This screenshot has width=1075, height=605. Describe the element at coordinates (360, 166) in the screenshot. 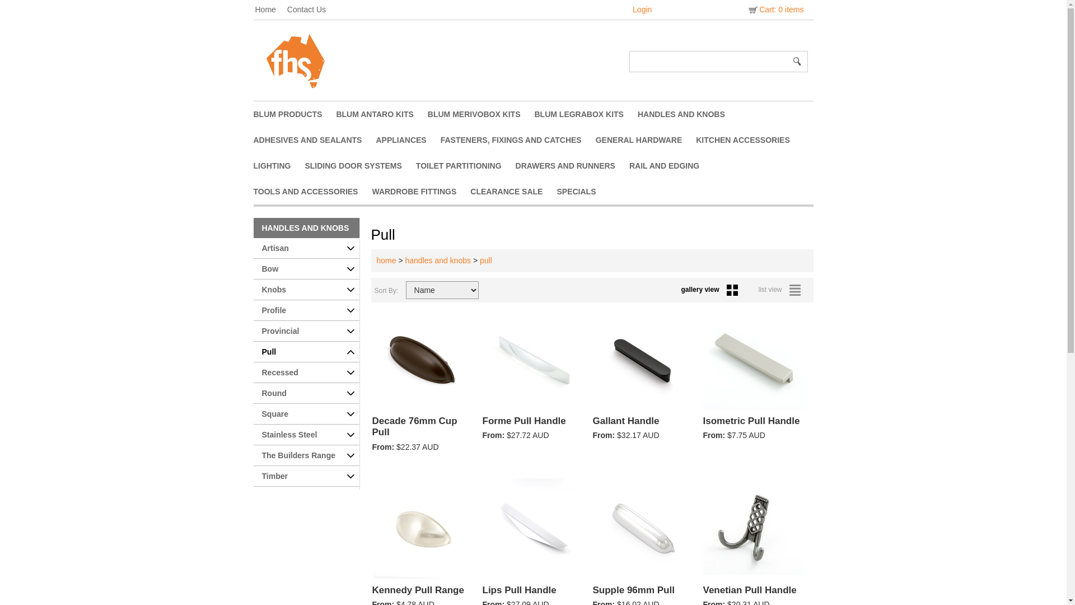

I see `'SLIDING DOOR SYSTEMS'` at that location.